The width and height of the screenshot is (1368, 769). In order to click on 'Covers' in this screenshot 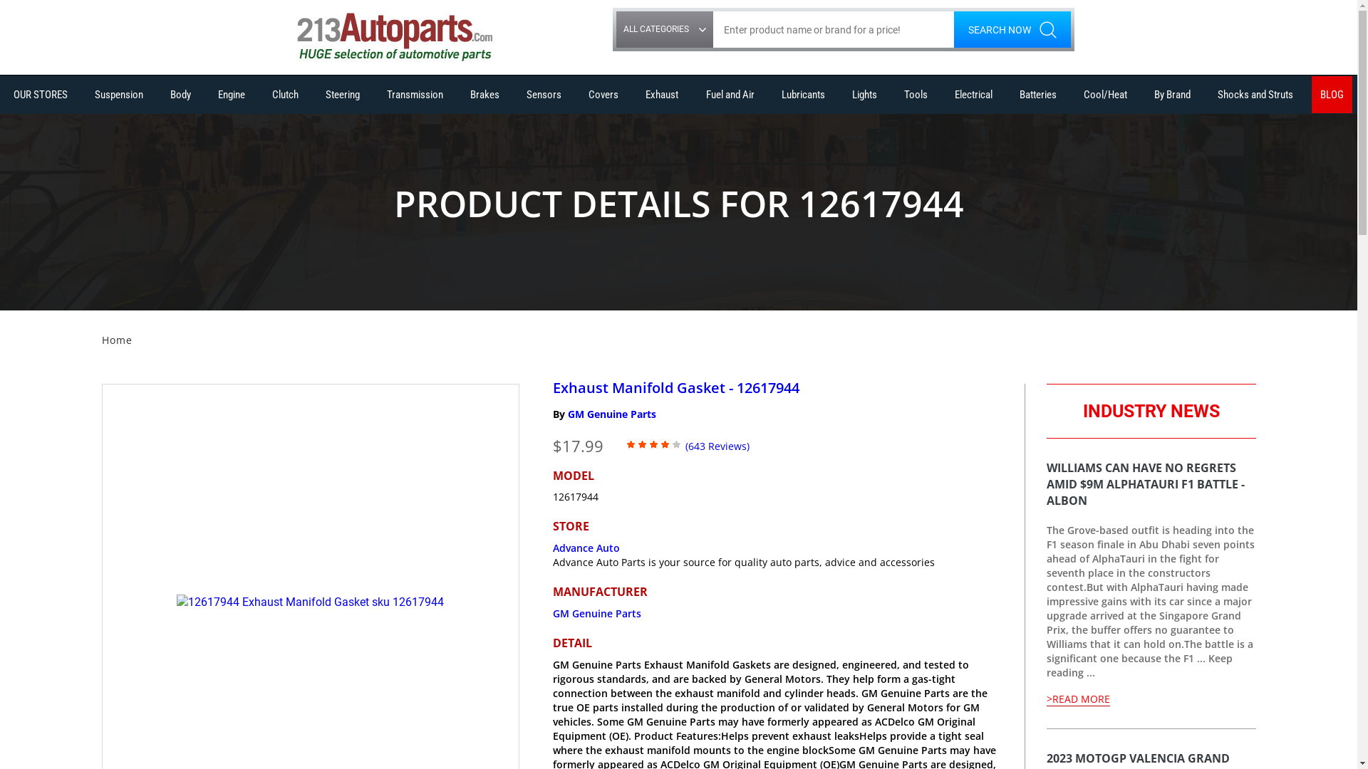, I will do `click(580, 94)`.